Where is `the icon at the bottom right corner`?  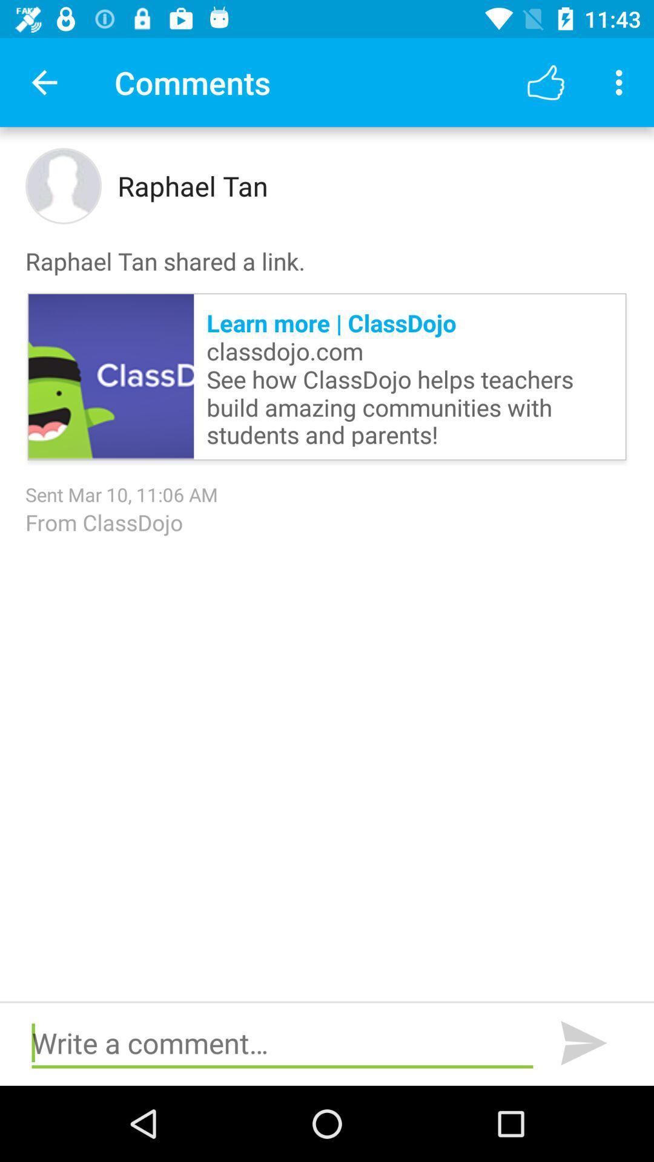
the icon at the bottom right corner is located at coordinates (583, 1043).